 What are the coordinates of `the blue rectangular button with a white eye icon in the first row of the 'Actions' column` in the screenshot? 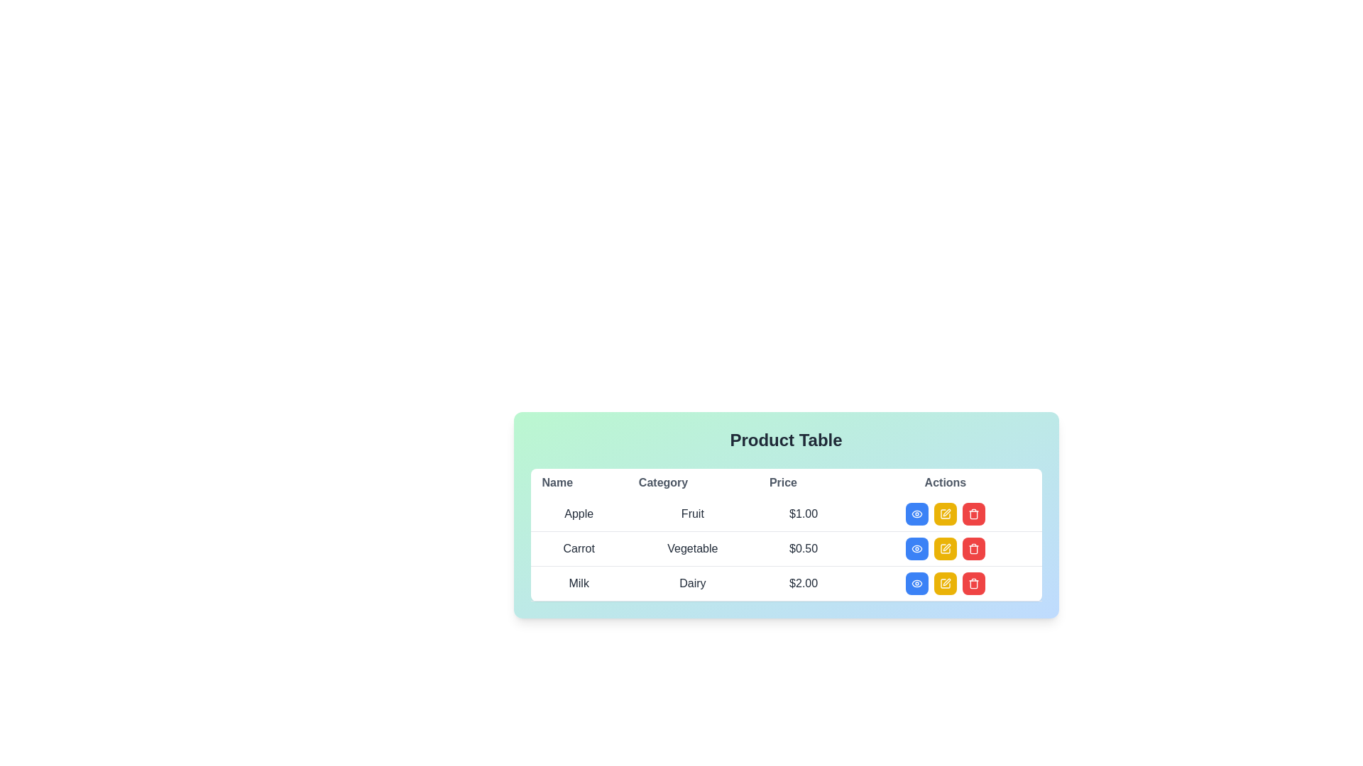 It's located at (916, 514).